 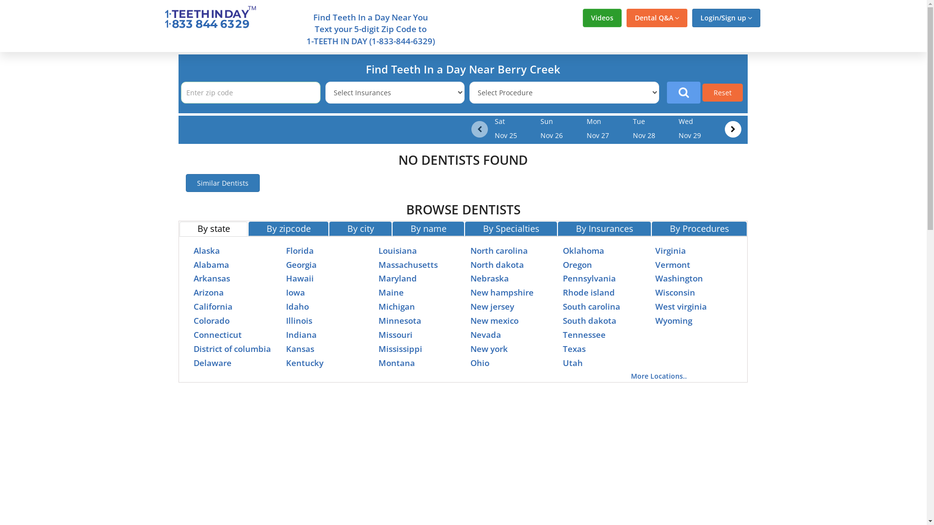 What do you see at coordinates (589, 320) in the screenshot?
I see `'South dakota'` at bounding box center [589, 320].